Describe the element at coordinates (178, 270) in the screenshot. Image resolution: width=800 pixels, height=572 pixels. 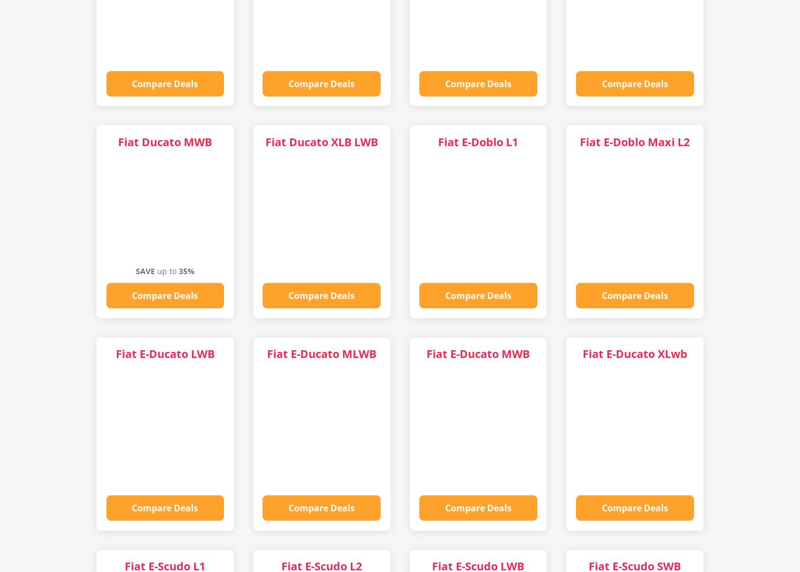
I see `'35%'` at that location.